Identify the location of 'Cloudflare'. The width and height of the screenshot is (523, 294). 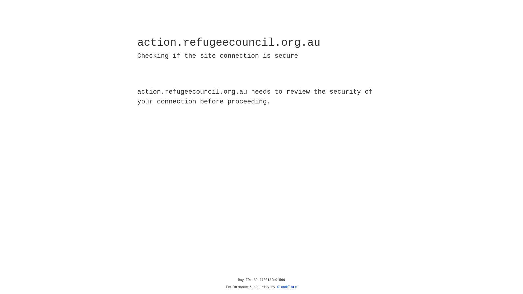
(277, 287).